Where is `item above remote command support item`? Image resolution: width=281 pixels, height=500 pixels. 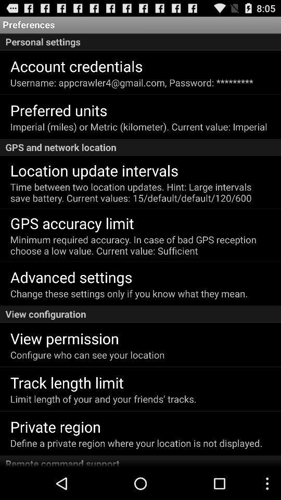
item above remote command support item is located at coordinates (136, 442).